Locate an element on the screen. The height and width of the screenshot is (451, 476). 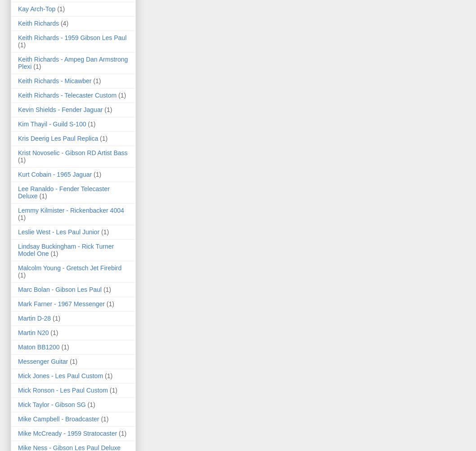
'Mick Taylor - Gibson SG' is located at coordinates (51, 404).